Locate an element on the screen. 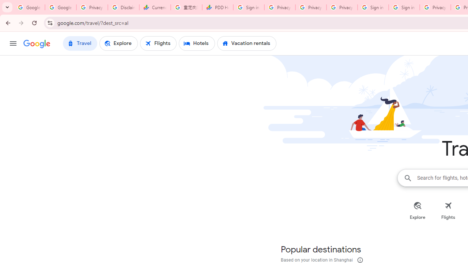 This screenshot has height=263, width=468. 'Sign in - Google Accounts' is located at coordinates (404, 7).